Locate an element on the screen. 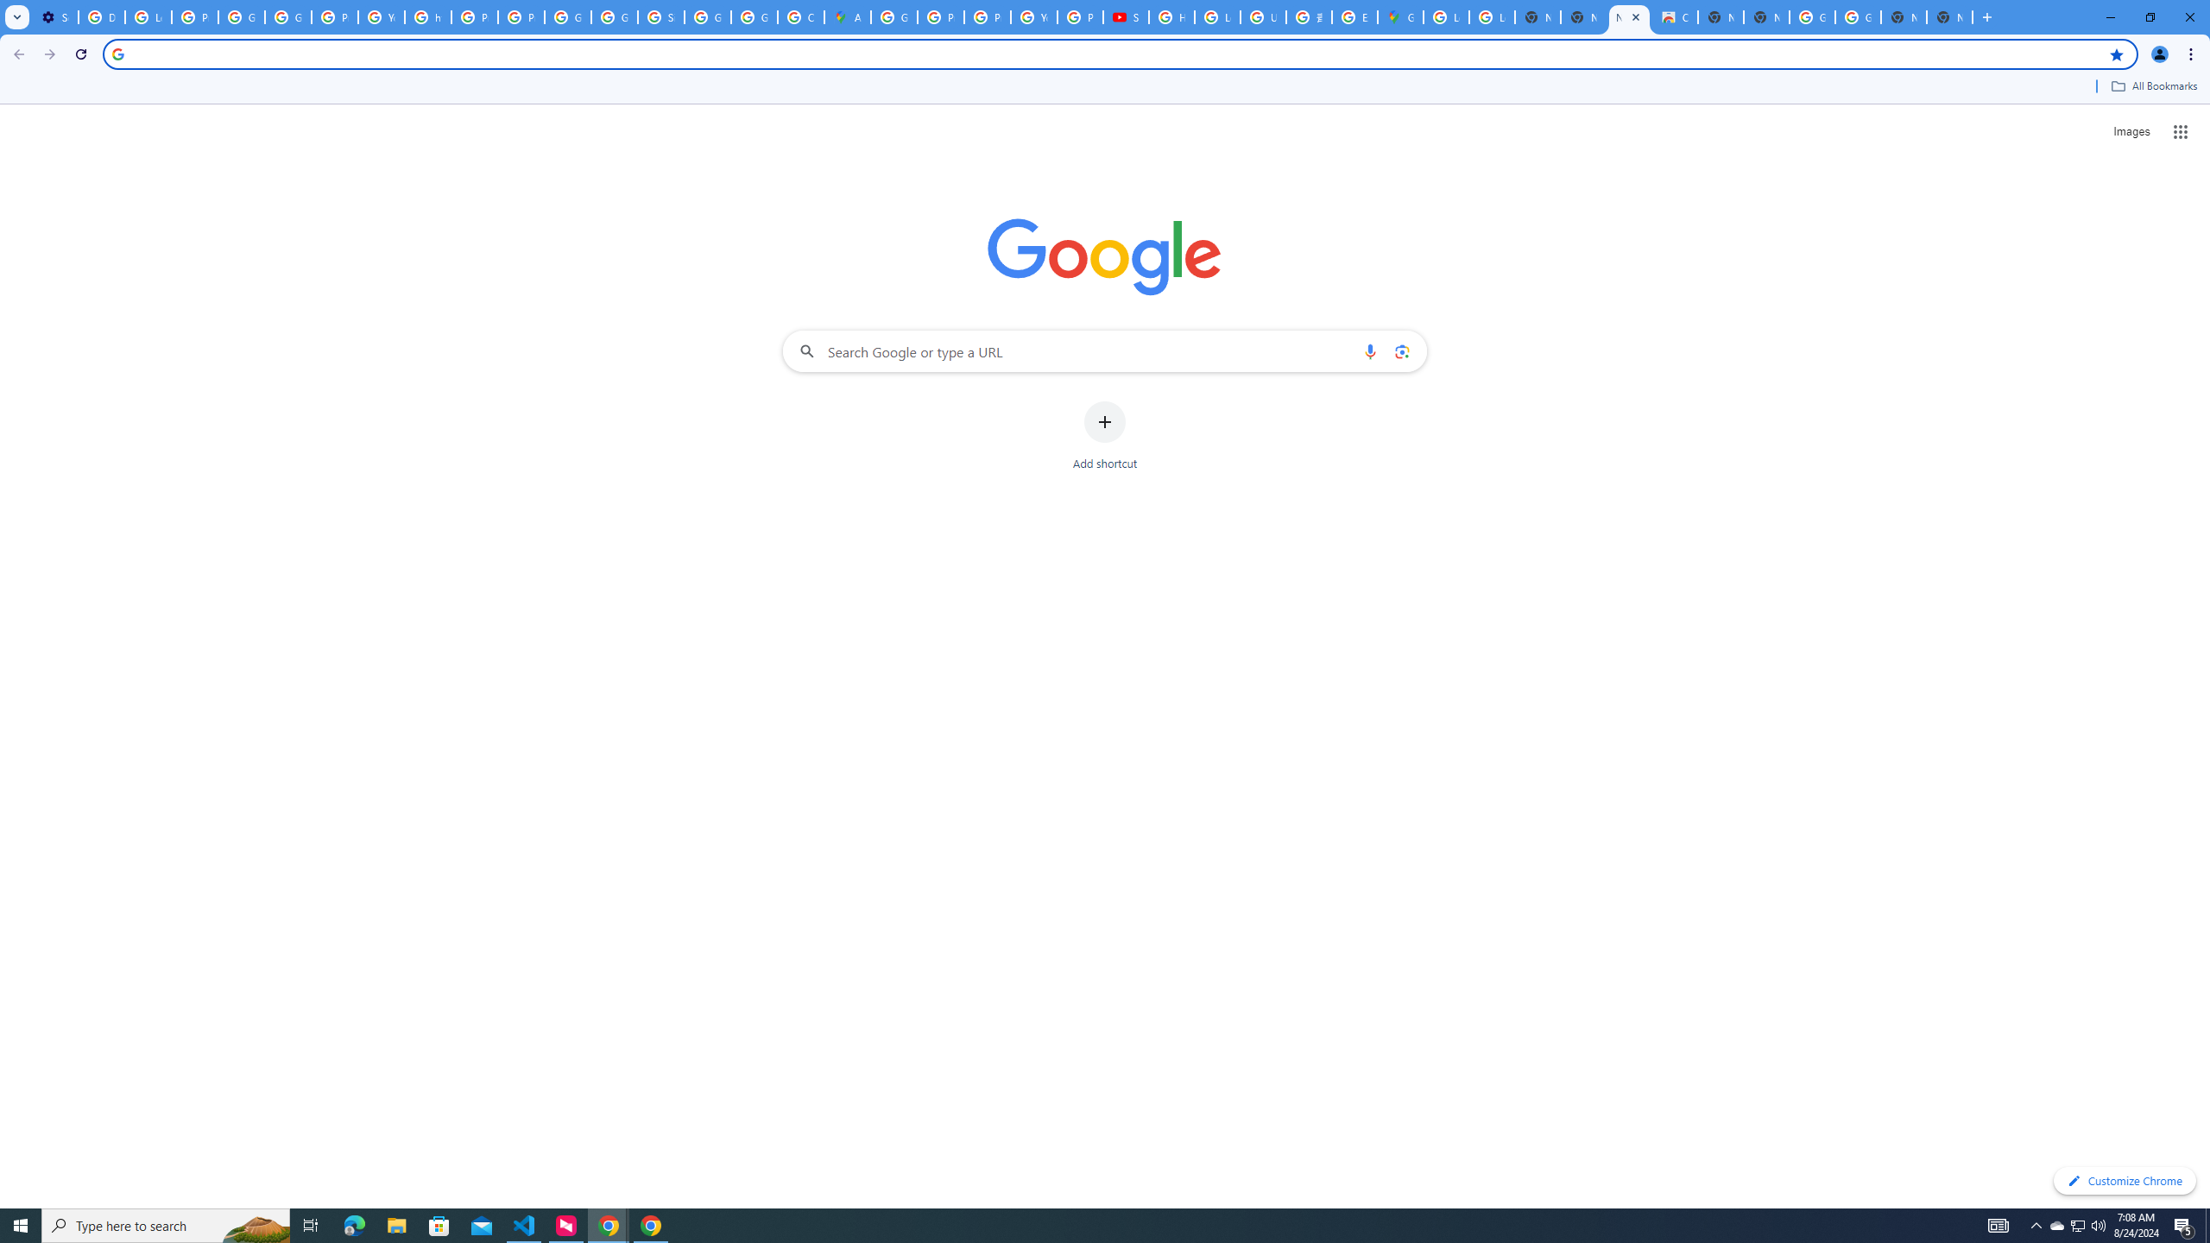 This screenshot has height=1243, width=2210. 'Google Images' is located at coordinates (1812, 16).